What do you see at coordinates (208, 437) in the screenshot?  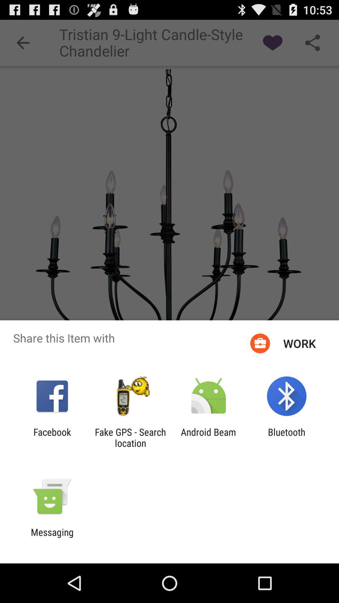 I see `the android beam icon` at bounding box center [208, 437].